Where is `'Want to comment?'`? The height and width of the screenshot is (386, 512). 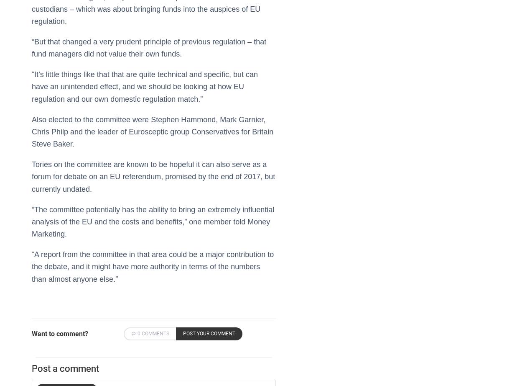 'Want to comment?' is located at coordinates (59, 333).